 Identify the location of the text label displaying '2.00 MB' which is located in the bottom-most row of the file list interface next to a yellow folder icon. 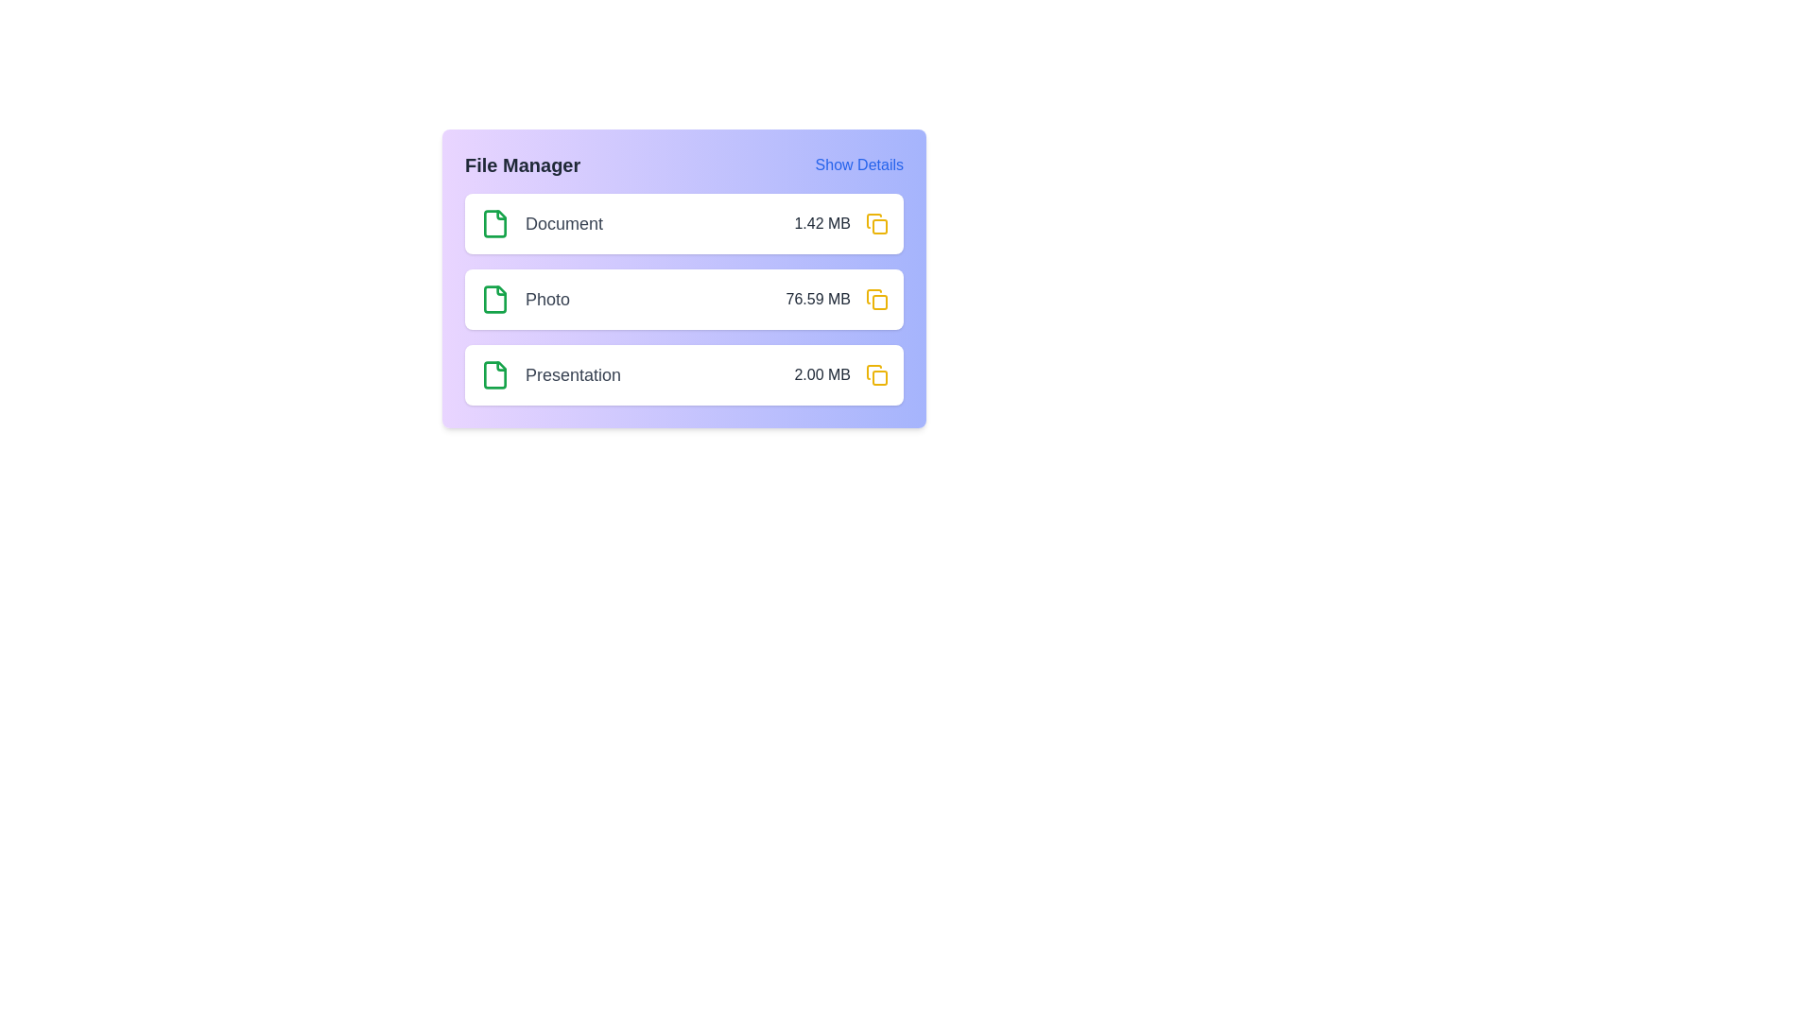
(840, 375).